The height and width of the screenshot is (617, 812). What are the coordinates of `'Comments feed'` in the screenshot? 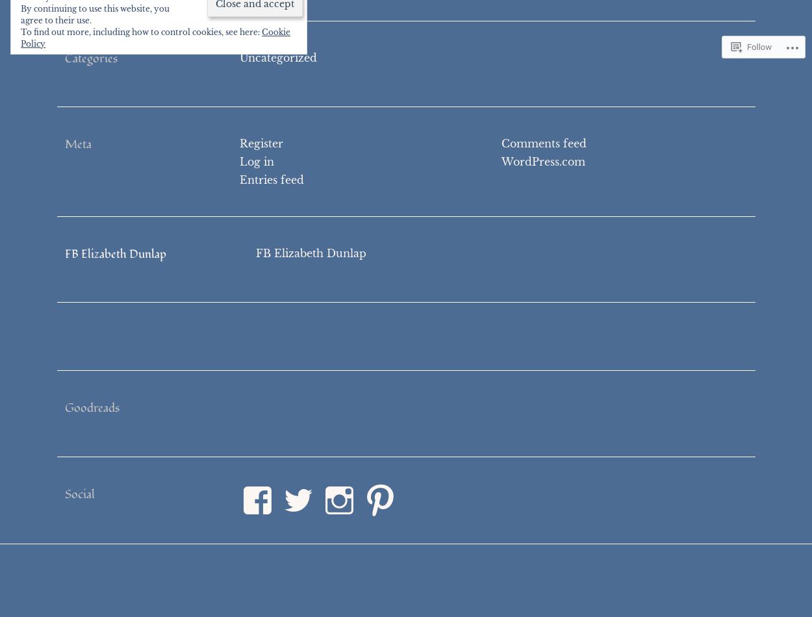 It's located at (542, 143).